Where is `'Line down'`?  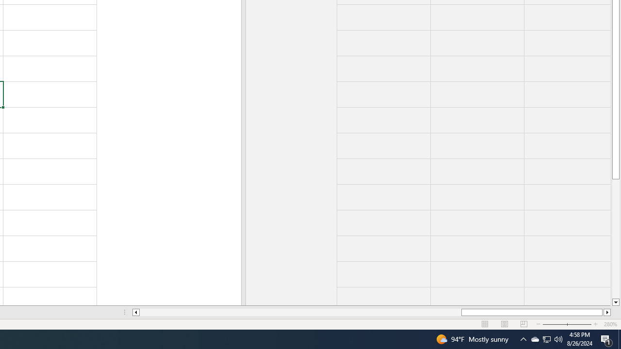 'Line down' is located at coordinates (615, 302).